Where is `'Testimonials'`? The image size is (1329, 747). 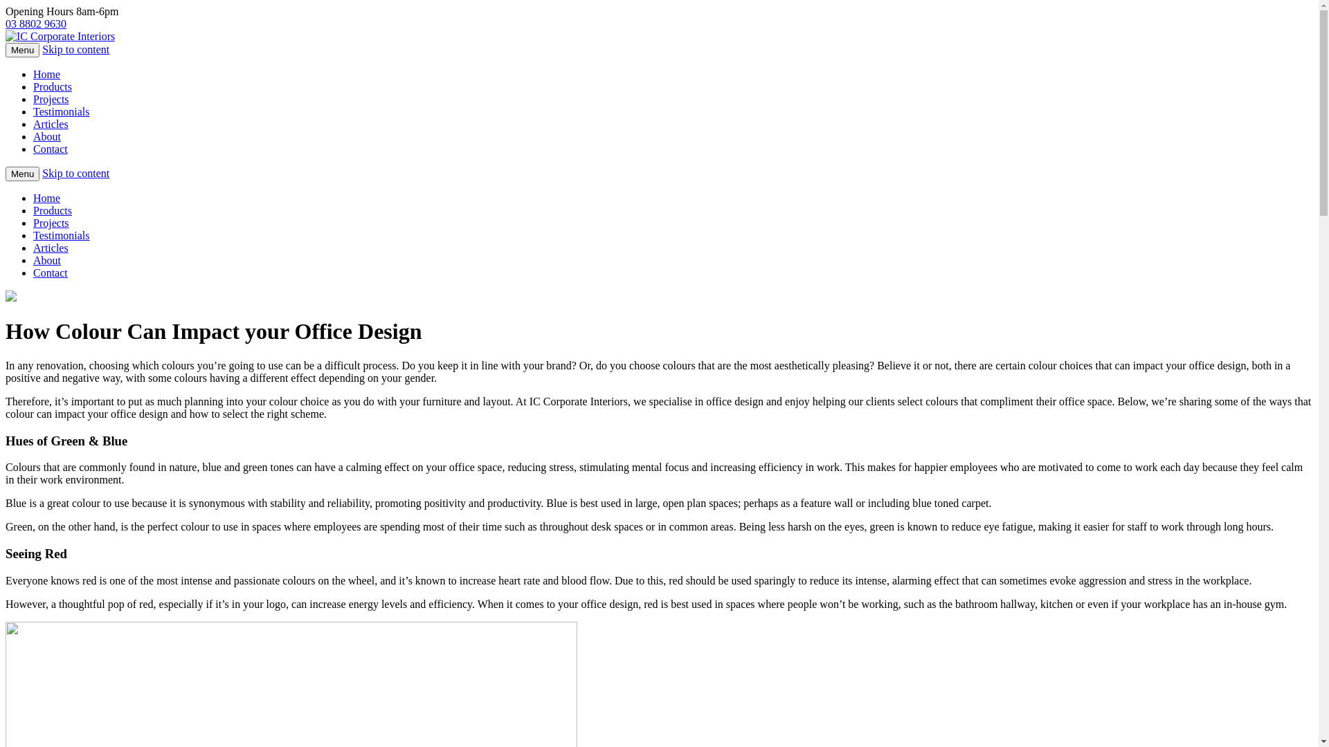 'Testimonials' is located at coordinates (61, 234).